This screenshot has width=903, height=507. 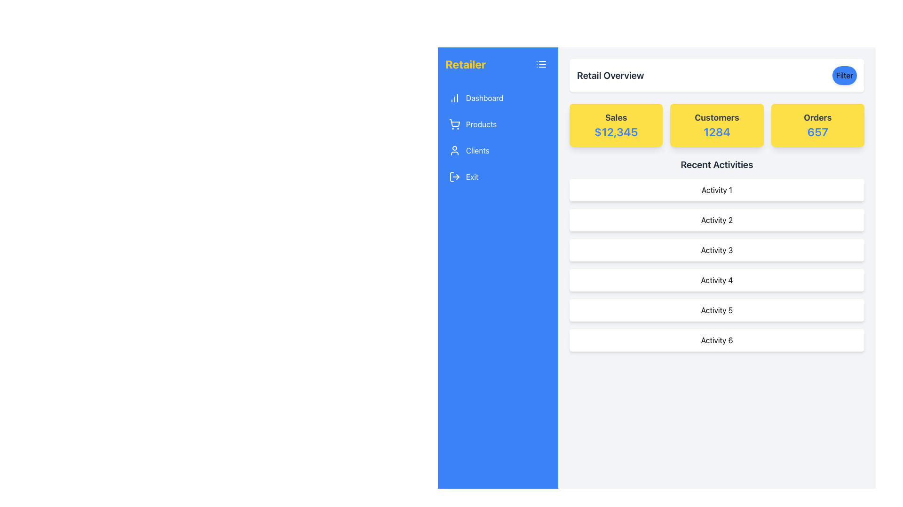 I want to click on the 'Activity 2' button, which is a rectangular component with a white background, rounded corners, and the text 'Activity 2' centered in black, so click(x=716, y=220).